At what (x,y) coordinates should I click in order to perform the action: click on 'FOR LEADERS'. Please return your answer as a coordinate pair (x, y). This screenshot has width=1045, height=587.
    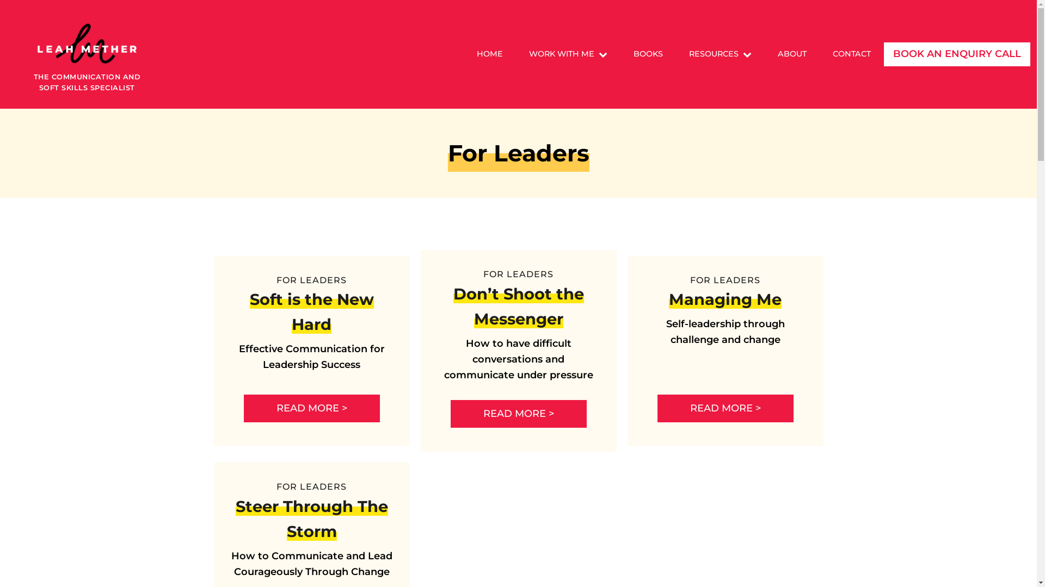
    Looking at the image, I should click on (725, 279).